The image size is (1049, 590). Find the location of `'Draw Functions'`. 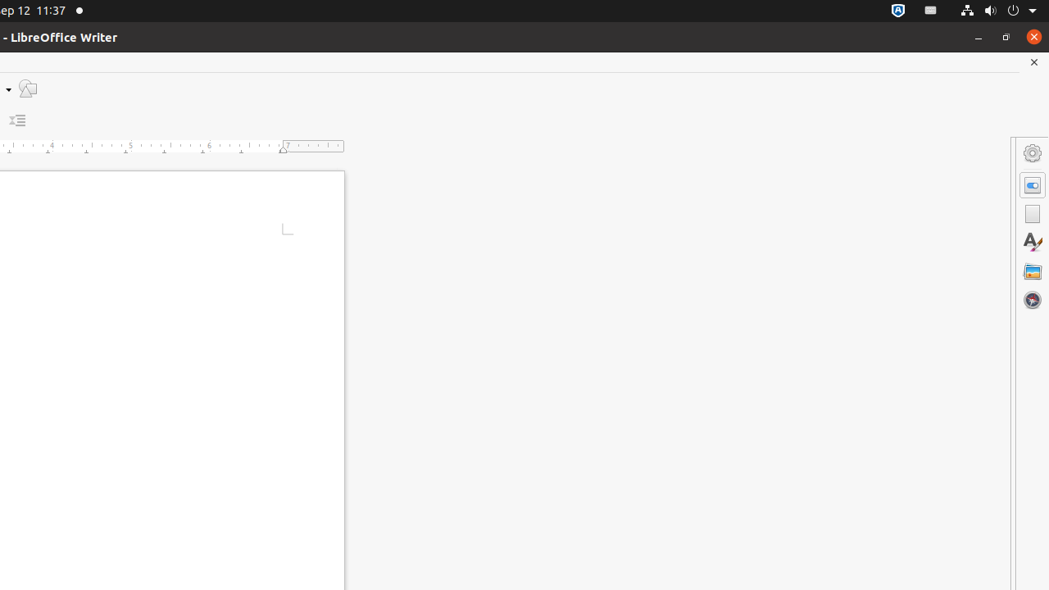

'Draw Functions' is located at coordinates (27, 88).